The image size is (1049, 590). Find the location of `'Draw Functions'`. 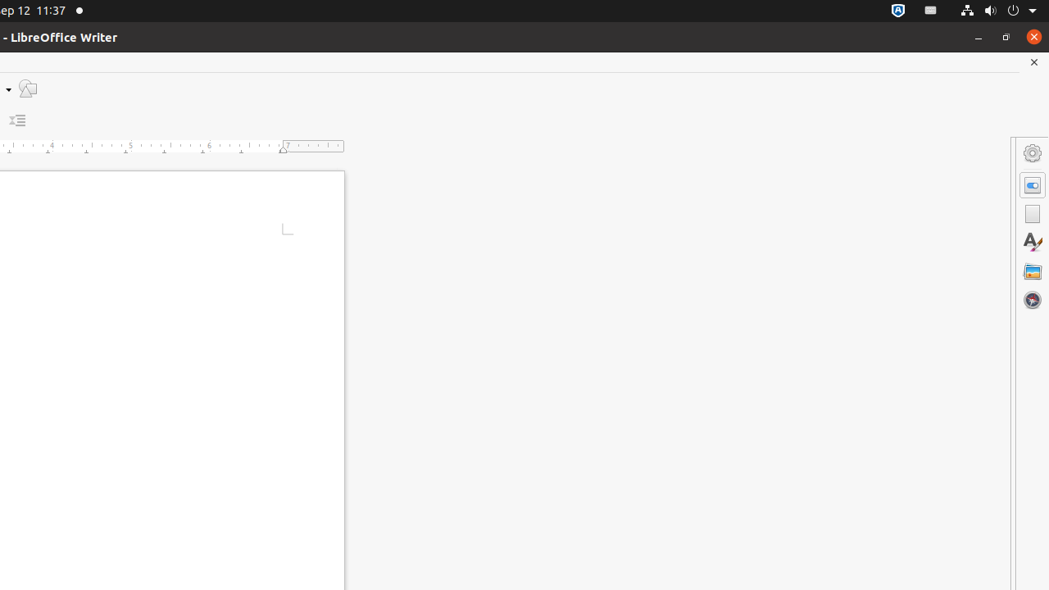

'Draw Functions' is located at coordinates (27, 88).